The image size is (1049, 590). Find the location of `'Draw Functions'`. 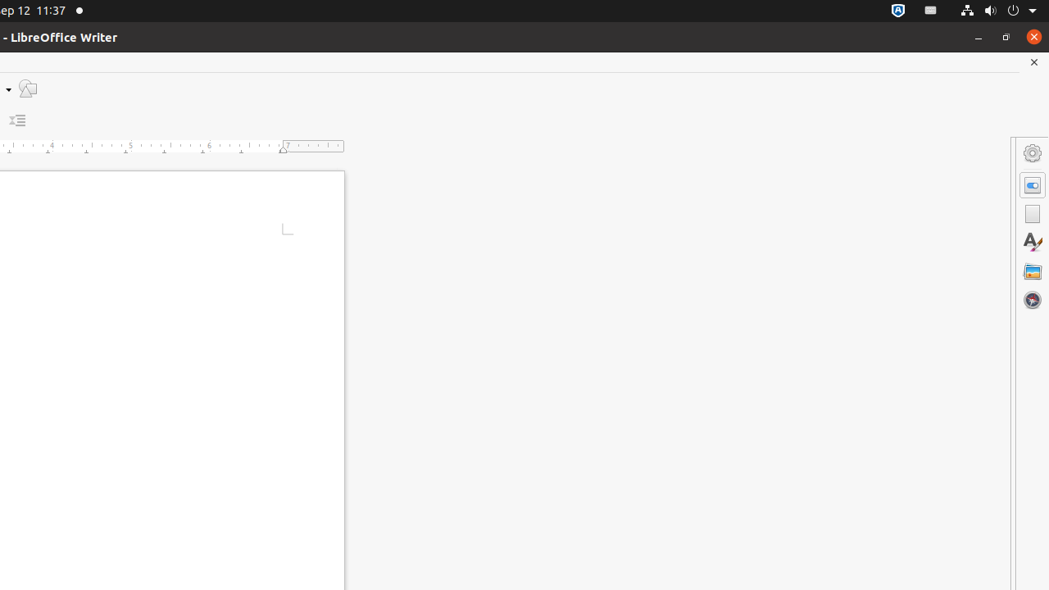

'Draw Functions' is located at coordinates (27, 88).